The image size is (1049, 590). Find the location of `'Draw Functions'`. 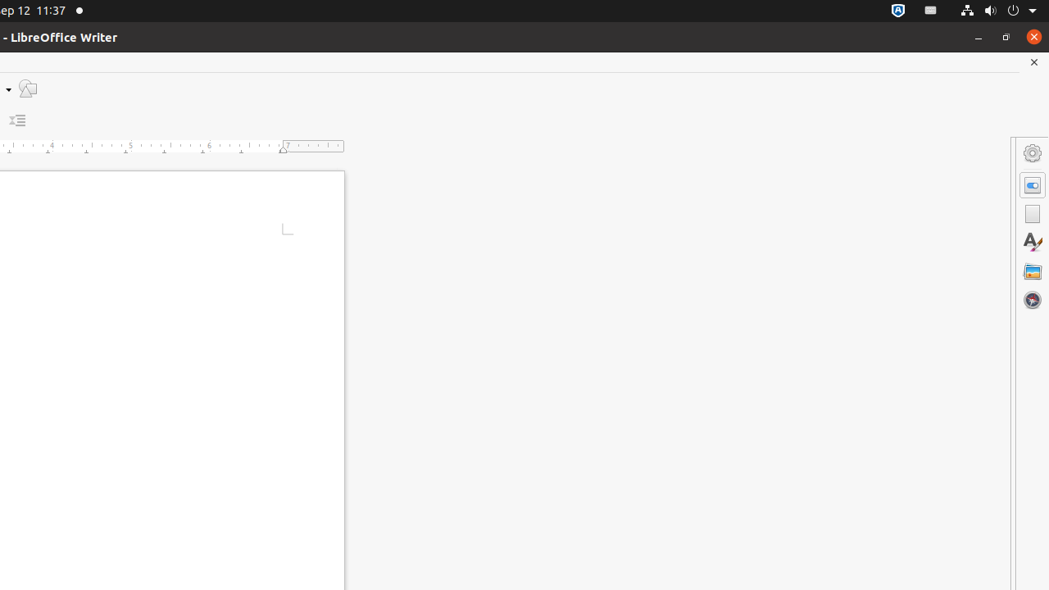

'Draw Functions' is located at coordinates (27, 88).